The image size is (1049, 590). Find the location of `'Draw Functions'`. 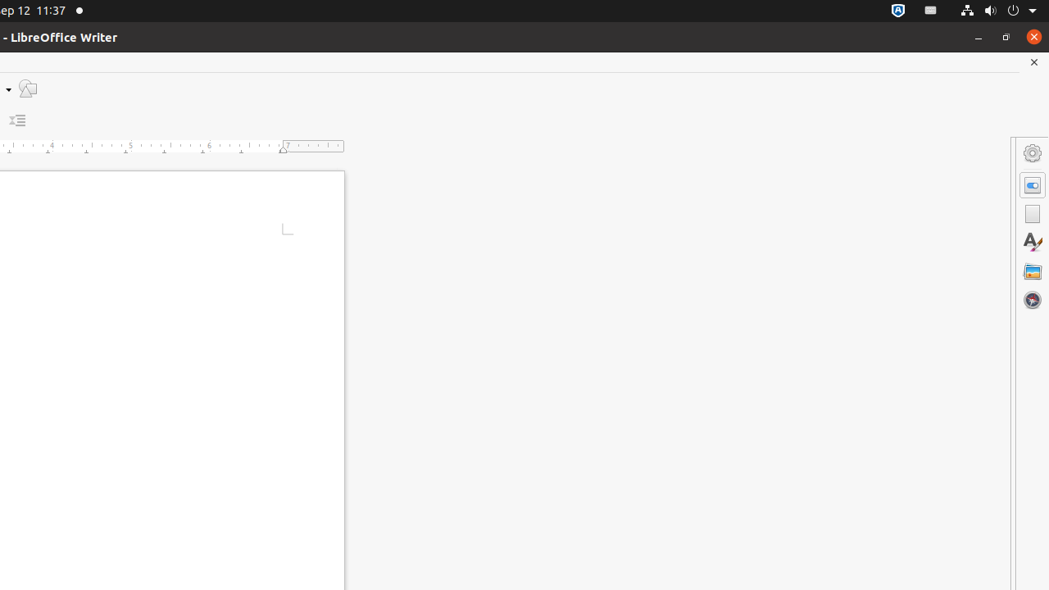

'Draw Functions' is located at coordinates (27, 88).